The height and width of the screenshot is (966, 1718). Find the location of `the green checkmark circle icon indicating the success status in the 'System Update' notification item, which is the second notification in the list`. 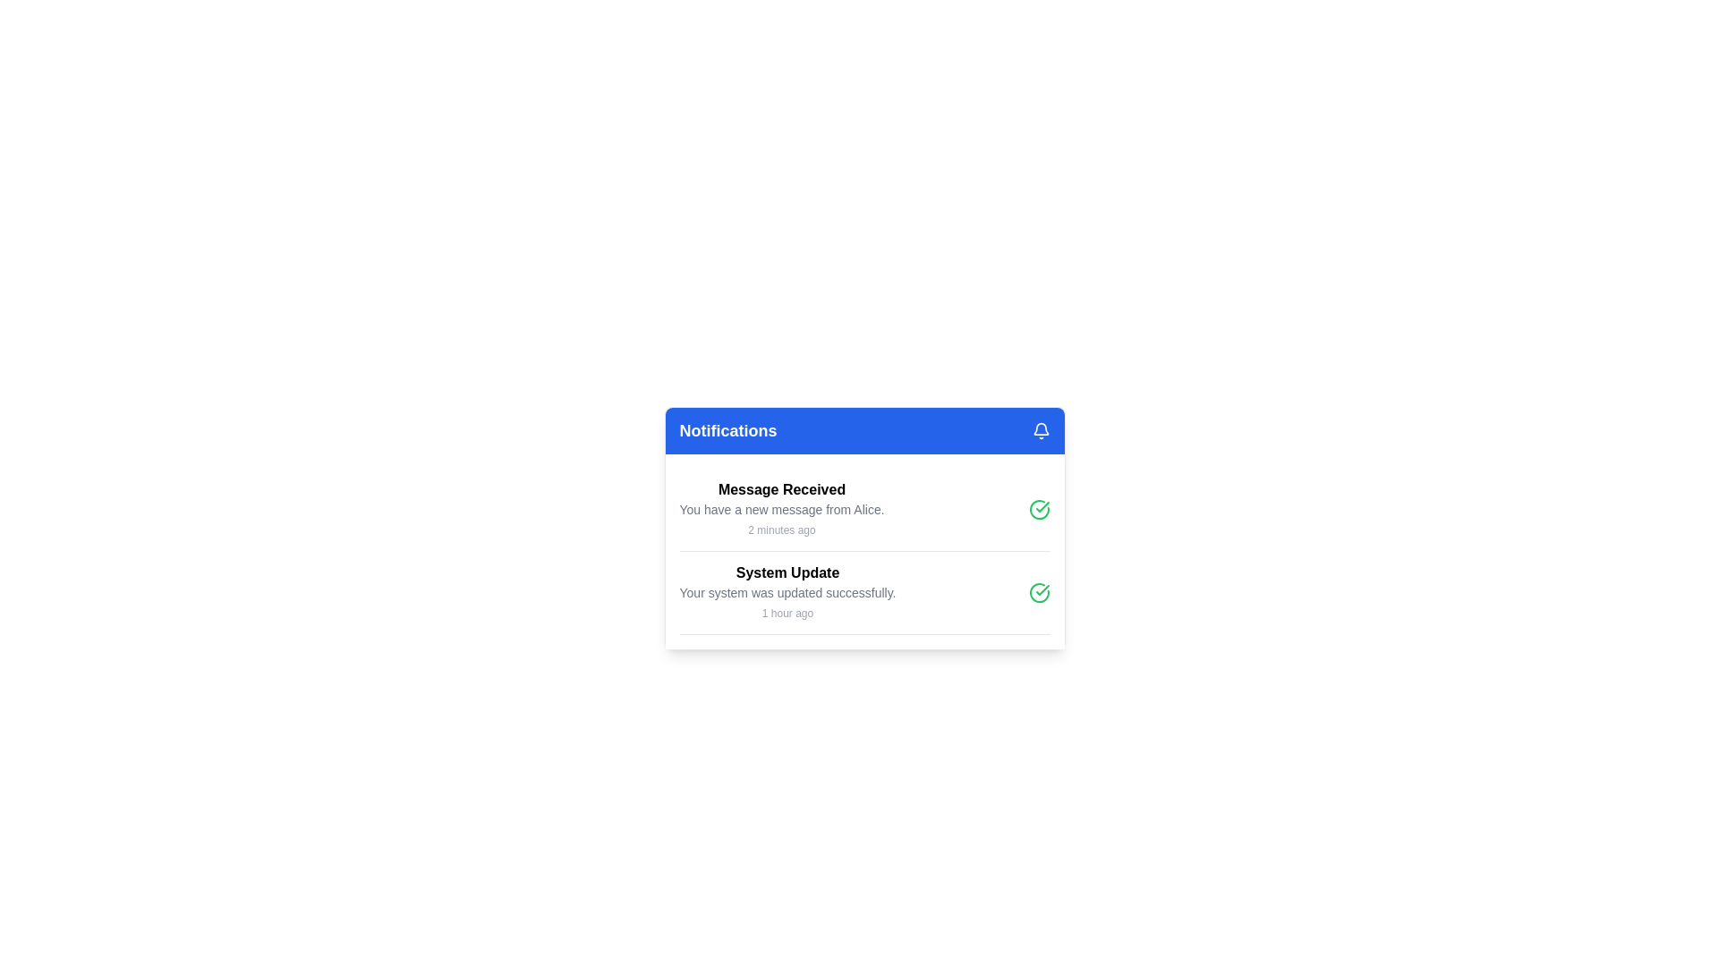

the green checkmark circle icon indicating the success status in the 'System Update' notification item, which is the second notification in the list is located at coordinates (864, 593).